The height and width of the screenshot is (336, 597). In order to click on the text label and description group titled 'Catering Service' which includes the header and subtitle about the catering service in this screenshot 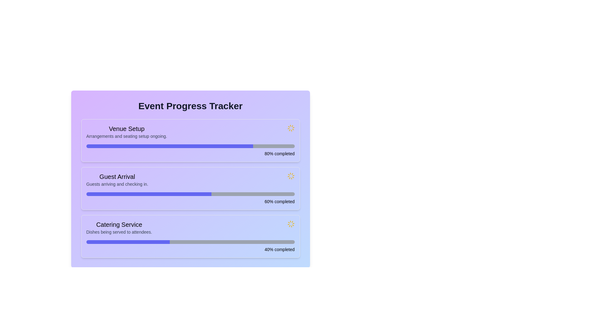, I will do `click(119, 228)`.